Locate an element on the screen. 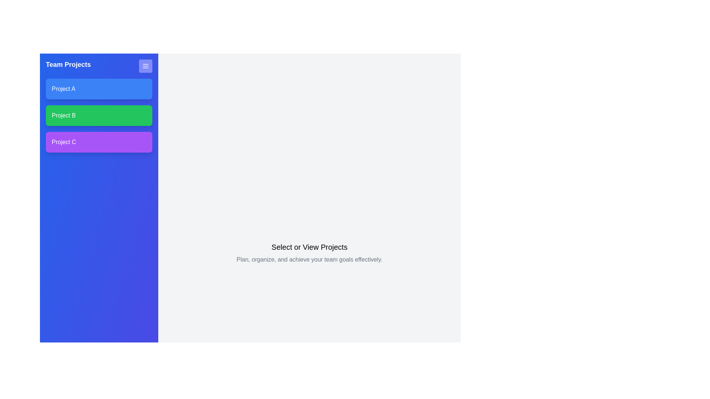  the button to toggle the drawer visibility is located at coordinates (145, 65).